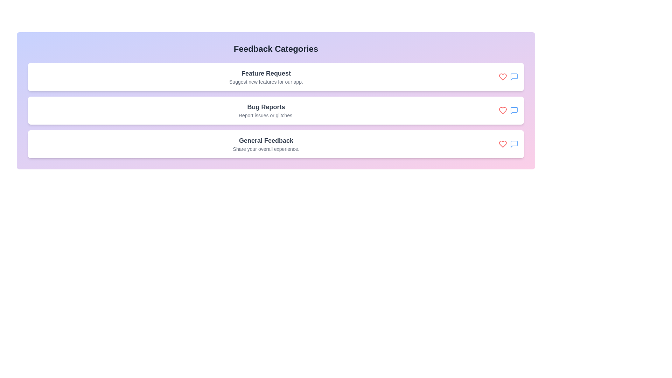 Image resolution: width=672 pixels, height=378 pixels. Describe the element at coordinates (502, 110) in the screenshot. I see `the like icon for the feedback category Bug Reports` at that location.